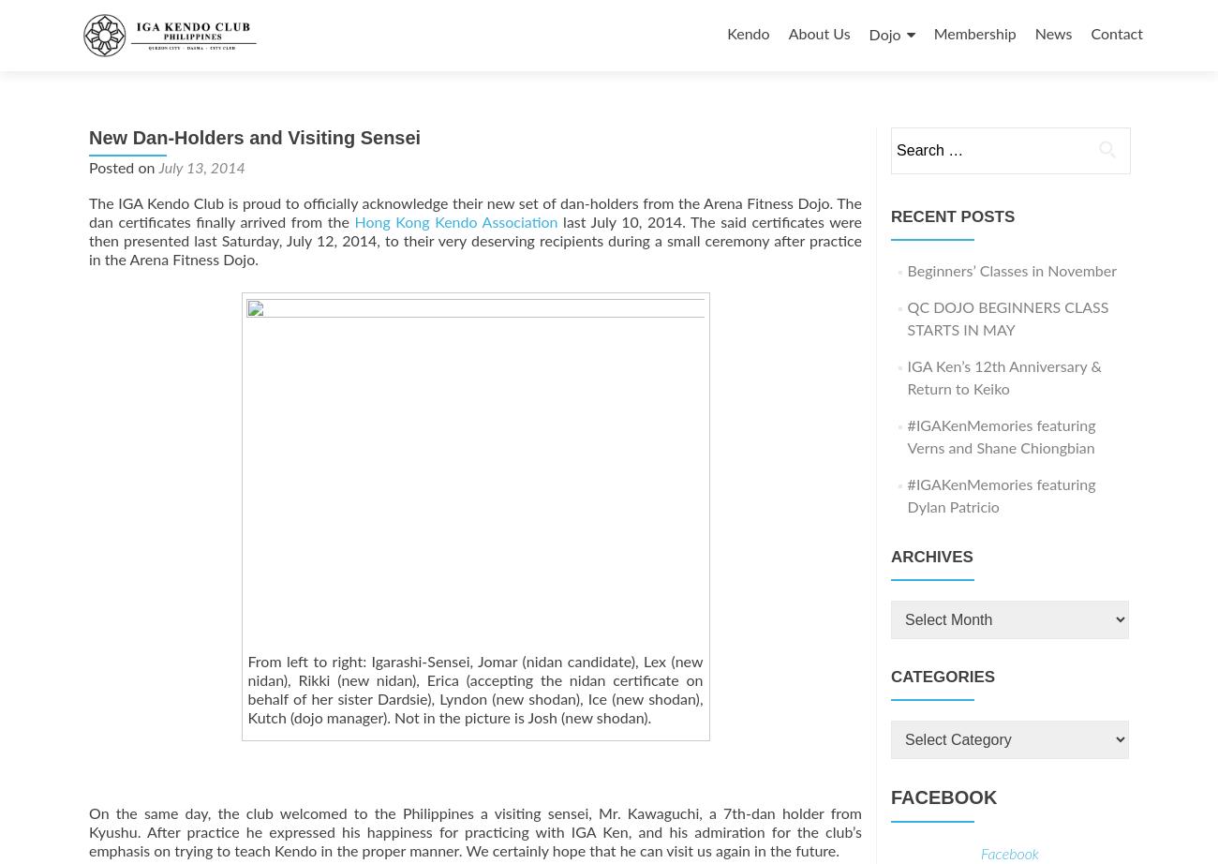 This screenshot has height=864, width=1218. What do you see at coordinates (1091, 34) in the screenshot?
I see `'Contact'` at bounding box center [1091, 34].